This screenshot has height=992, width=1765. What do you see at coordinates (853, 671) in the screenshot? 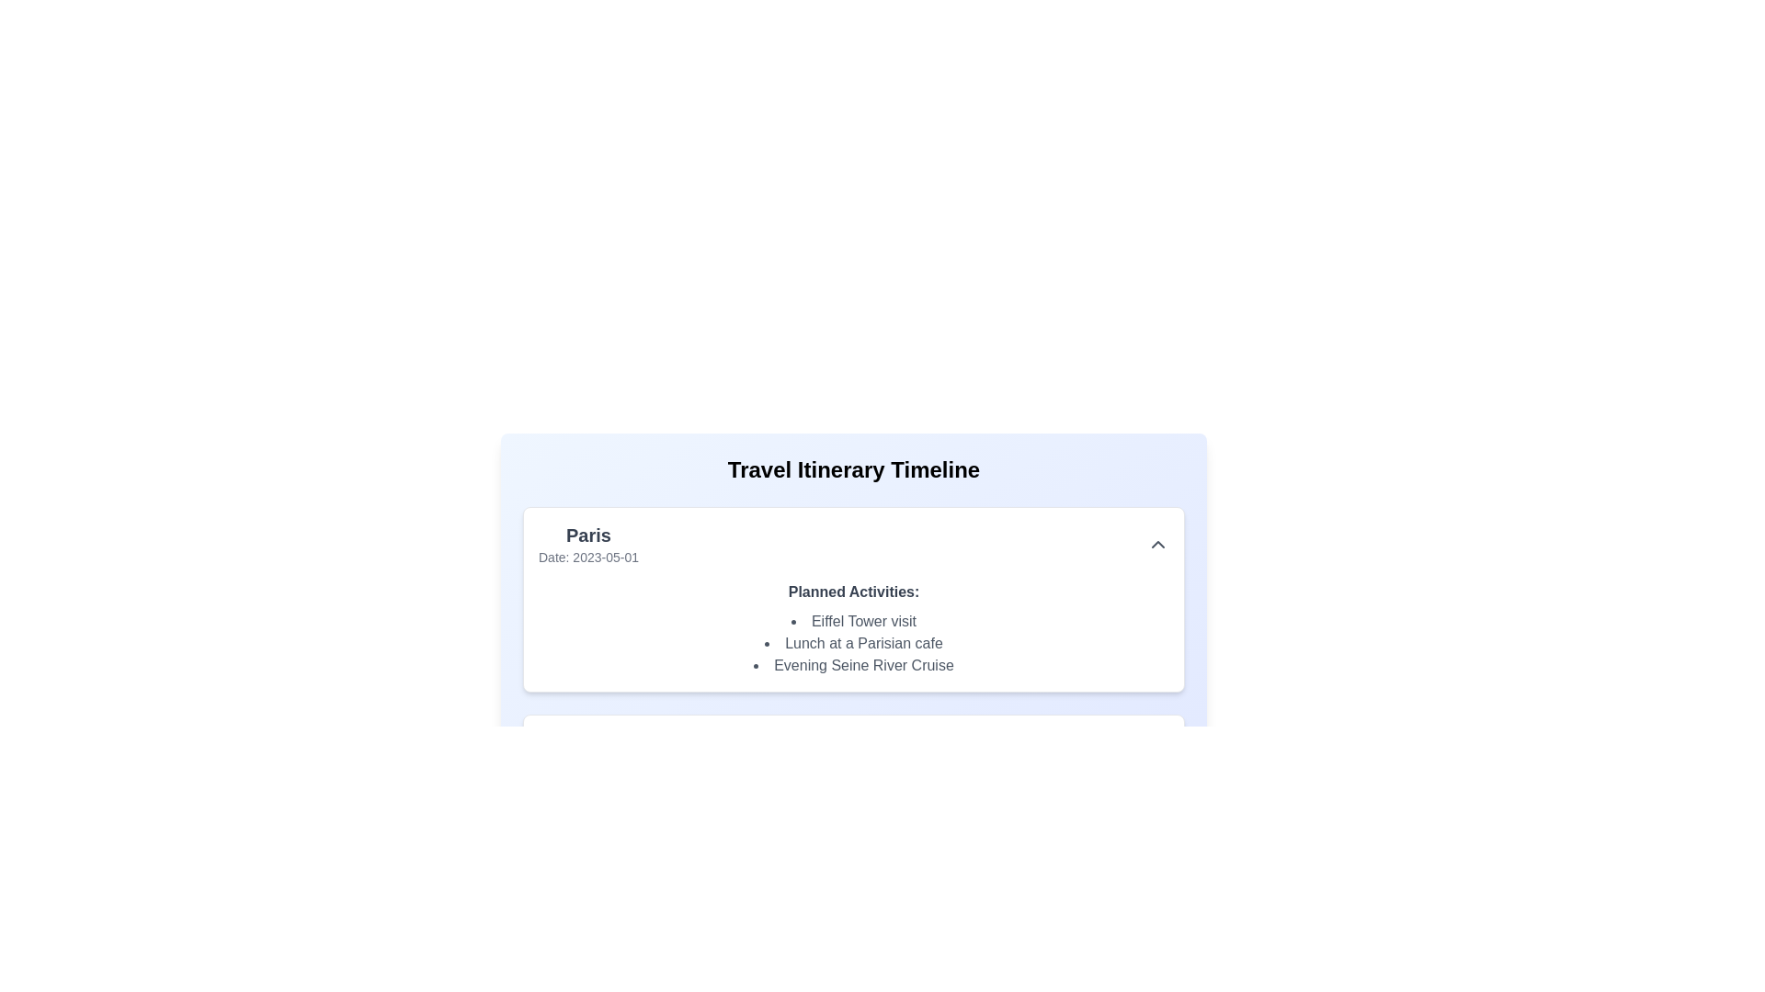
I see `the informational block displaying the date-specific itinerary for Paris, which is the first itinerary block in the travel timeline located below the title 'Travel Itinerary Timeline'` at bounding box center [853, 671].